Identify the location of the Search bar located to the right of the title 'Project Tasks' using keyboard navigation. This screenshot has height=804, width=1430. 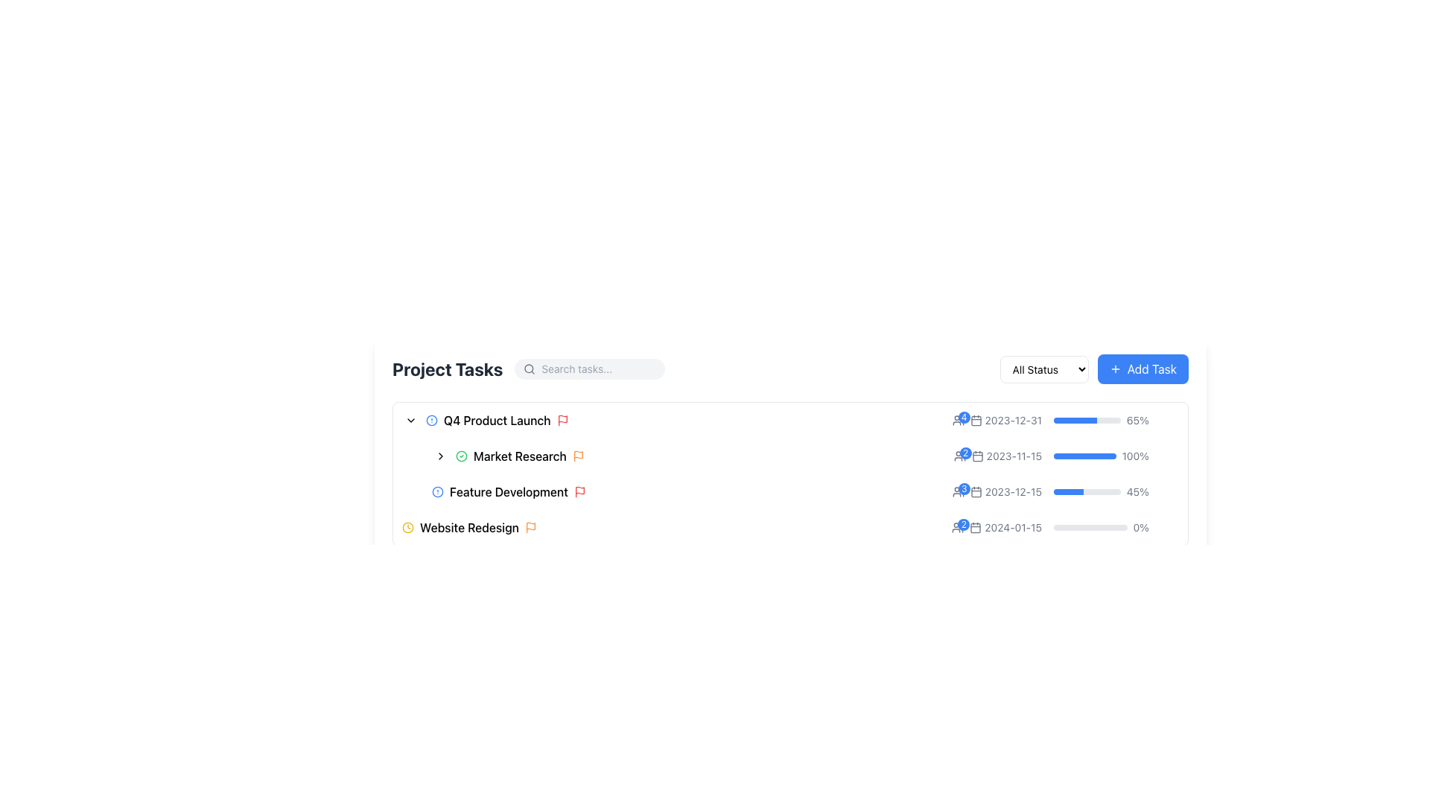
(589, 368).